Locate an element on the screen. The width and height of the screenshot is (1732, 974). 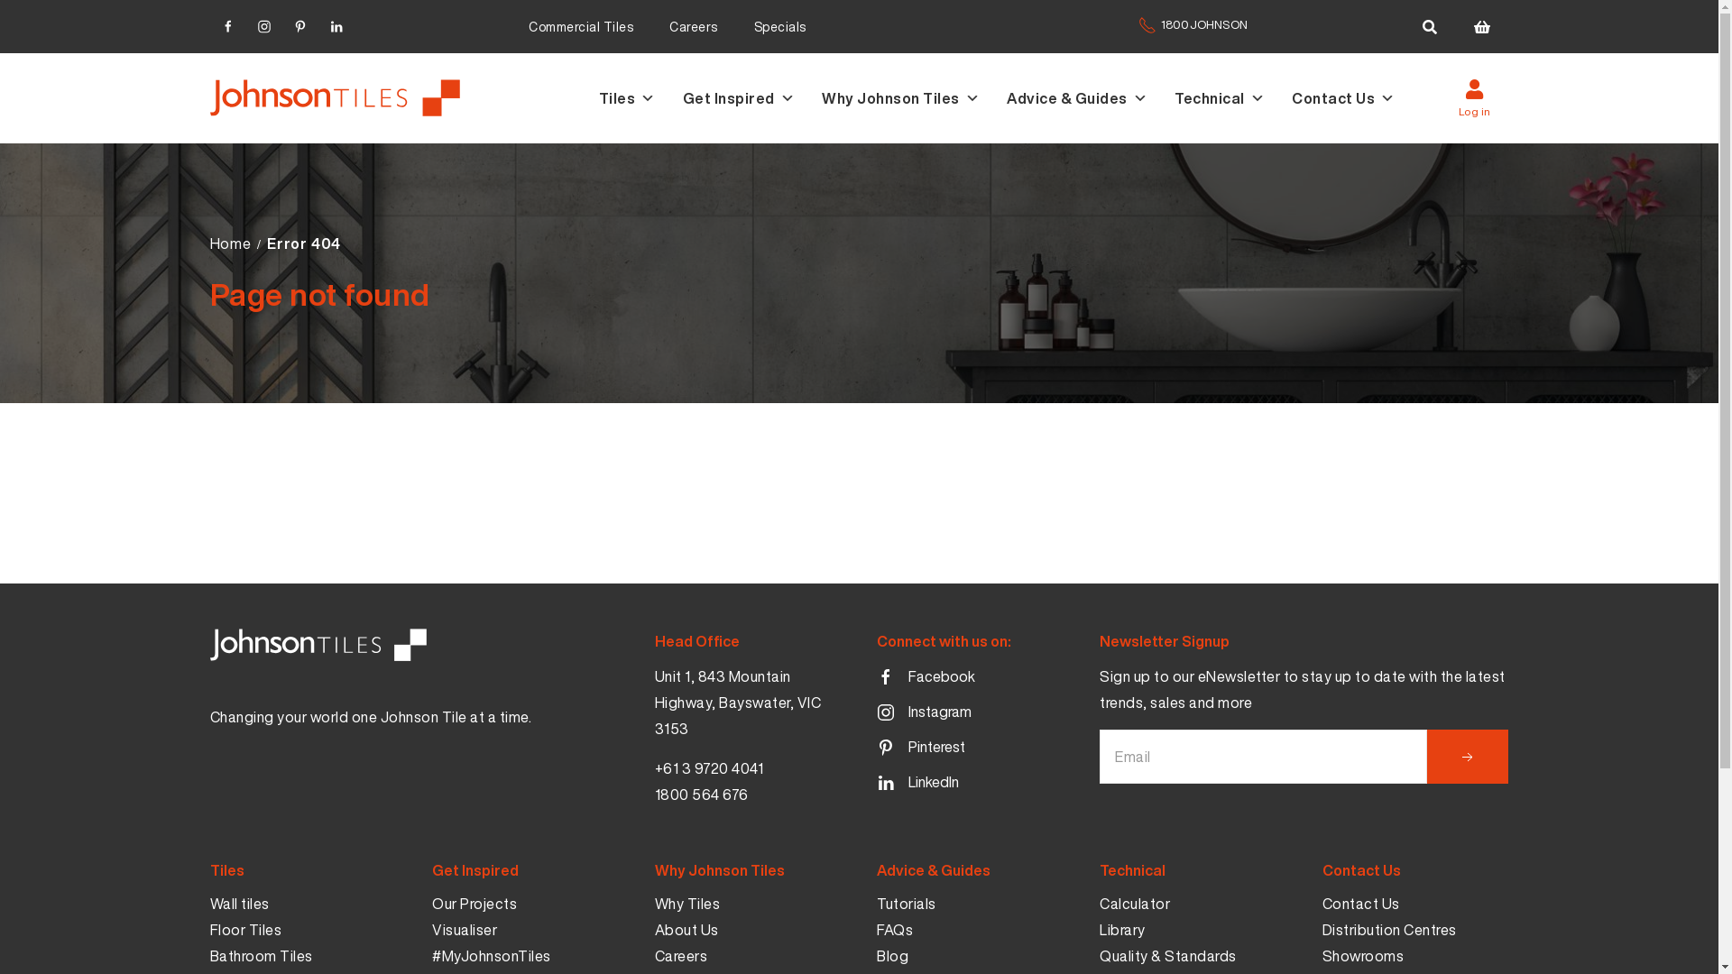
'Showrooms' is located at coordinates (1322, 955).